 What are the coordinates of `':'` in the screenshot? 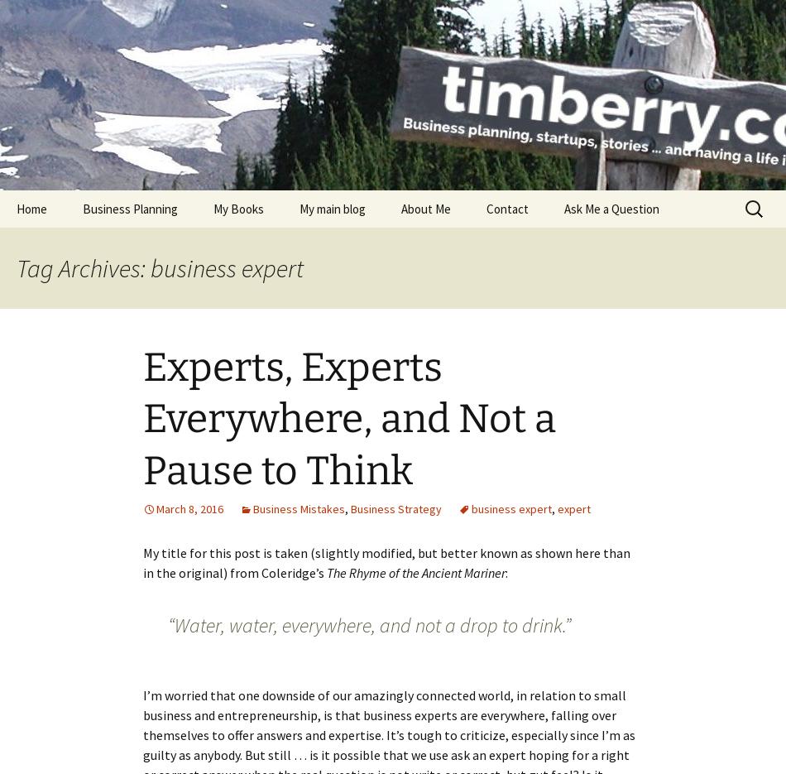 It's located at (506, 571).